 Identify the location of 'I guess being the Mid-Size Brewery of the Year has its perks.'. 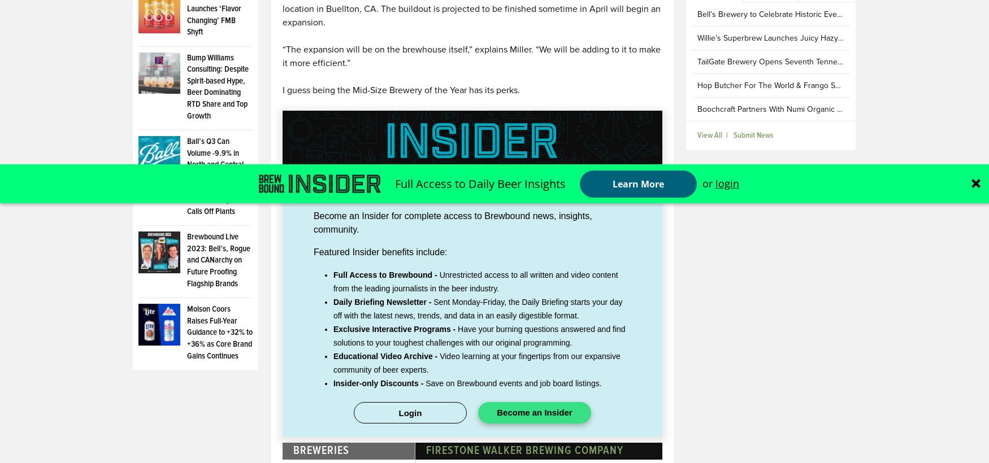
(400, 90).